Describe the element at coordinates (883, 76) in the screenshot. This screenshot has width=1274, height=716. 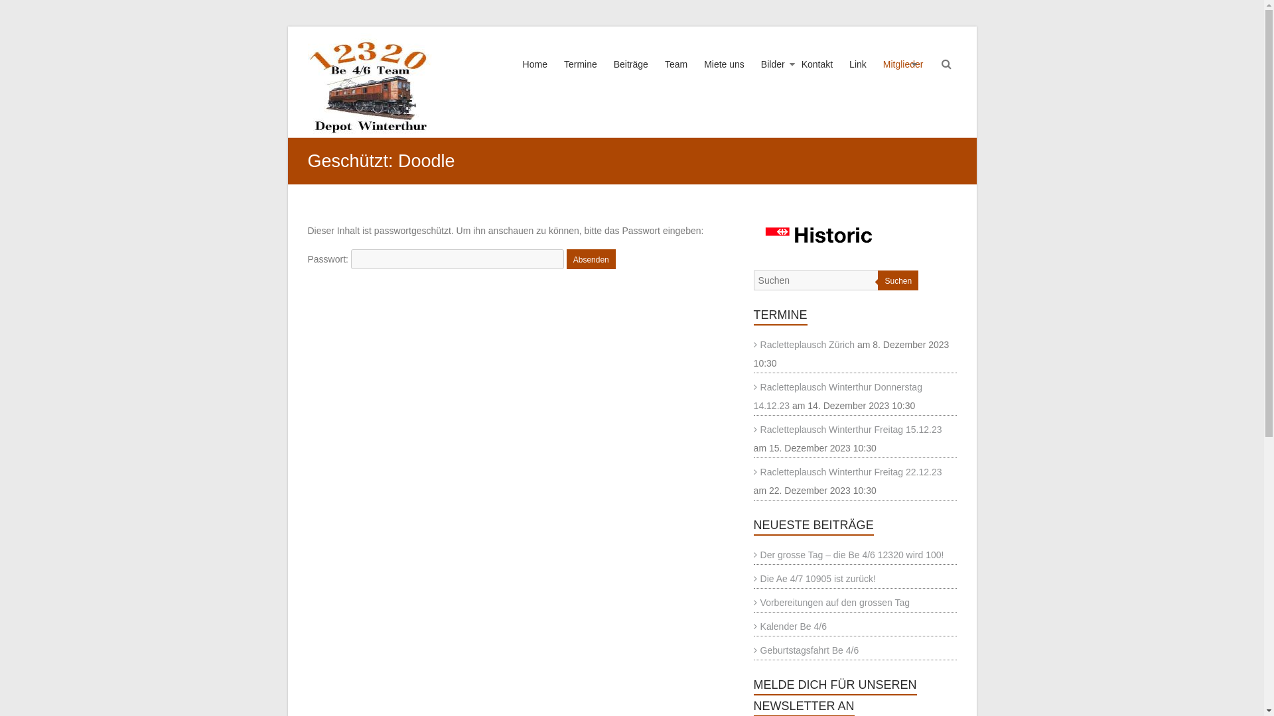
I see `'Mitglieder'` at that location.